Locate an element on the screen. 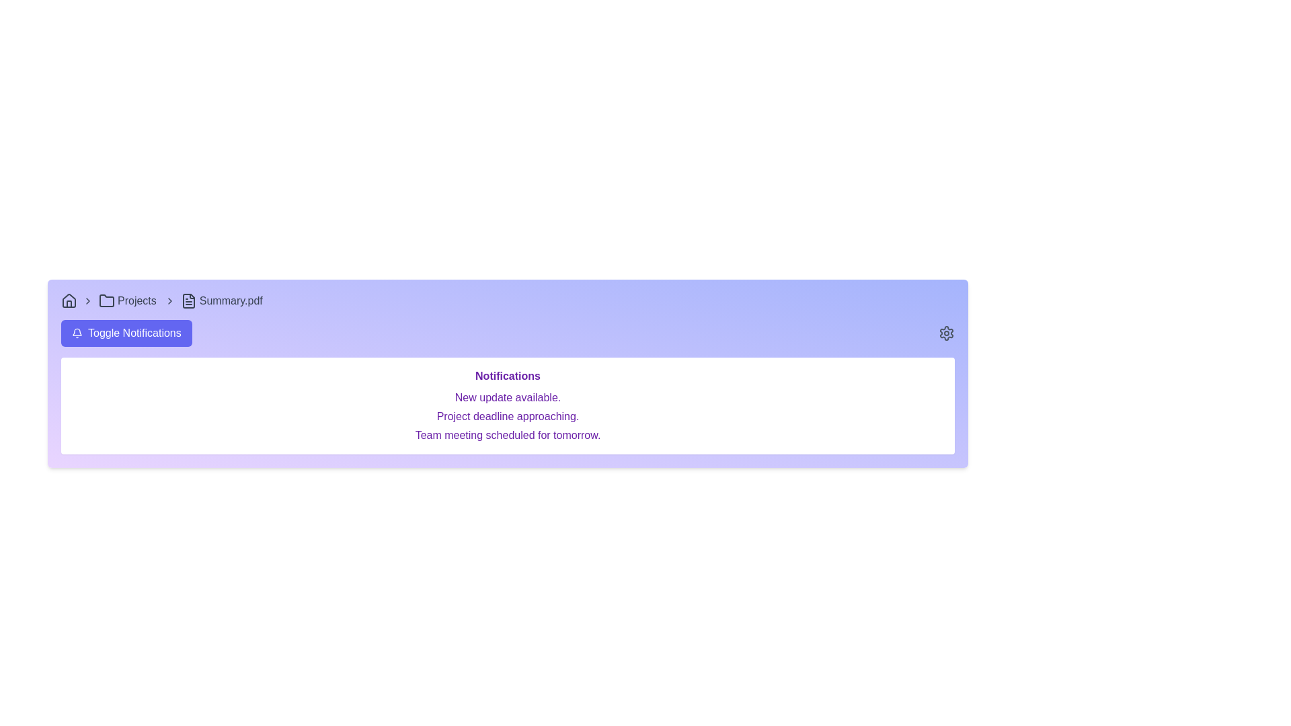 The width and height of the screenshot is (1291, 726). the gear-shaped settings icon located in the top-right corner of the notification panel is located at coordinates (945, 333).